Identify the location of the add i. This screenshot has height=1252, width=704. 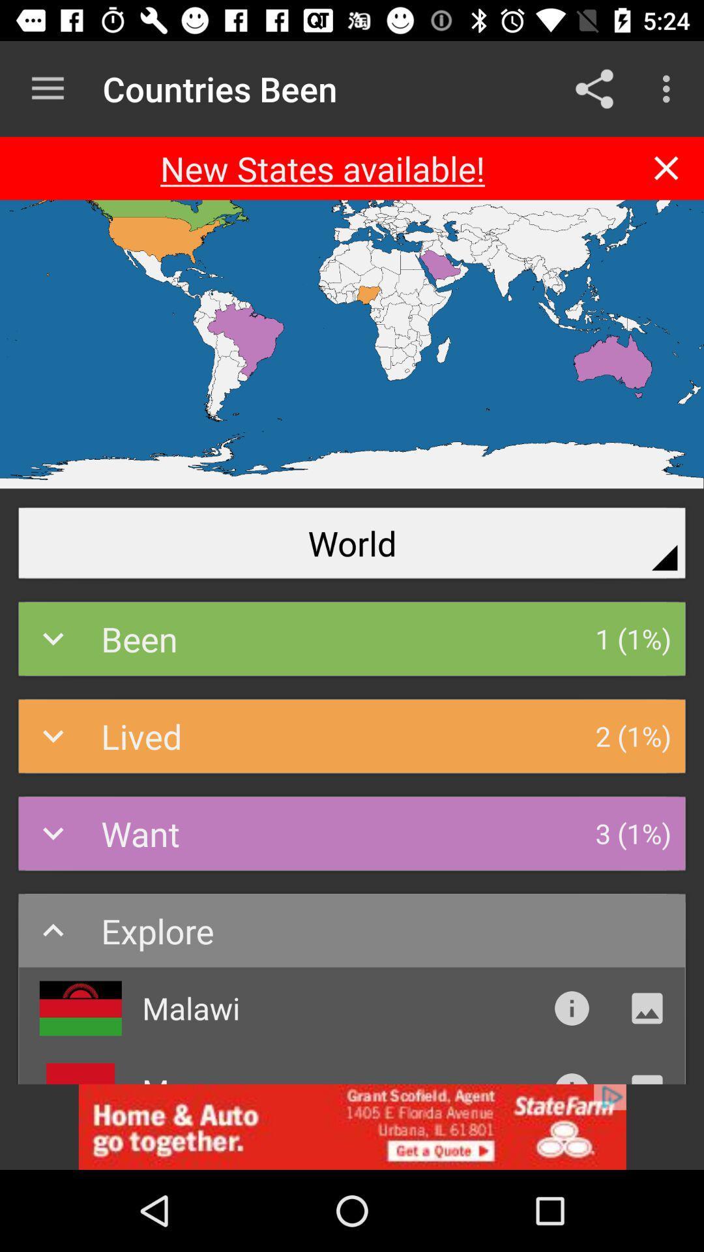
(352, 1126).